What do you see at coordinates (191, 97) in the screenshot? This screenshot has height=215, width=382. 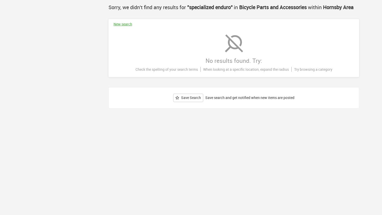 I see `'Save Search'` at bounding box center [191, 97].